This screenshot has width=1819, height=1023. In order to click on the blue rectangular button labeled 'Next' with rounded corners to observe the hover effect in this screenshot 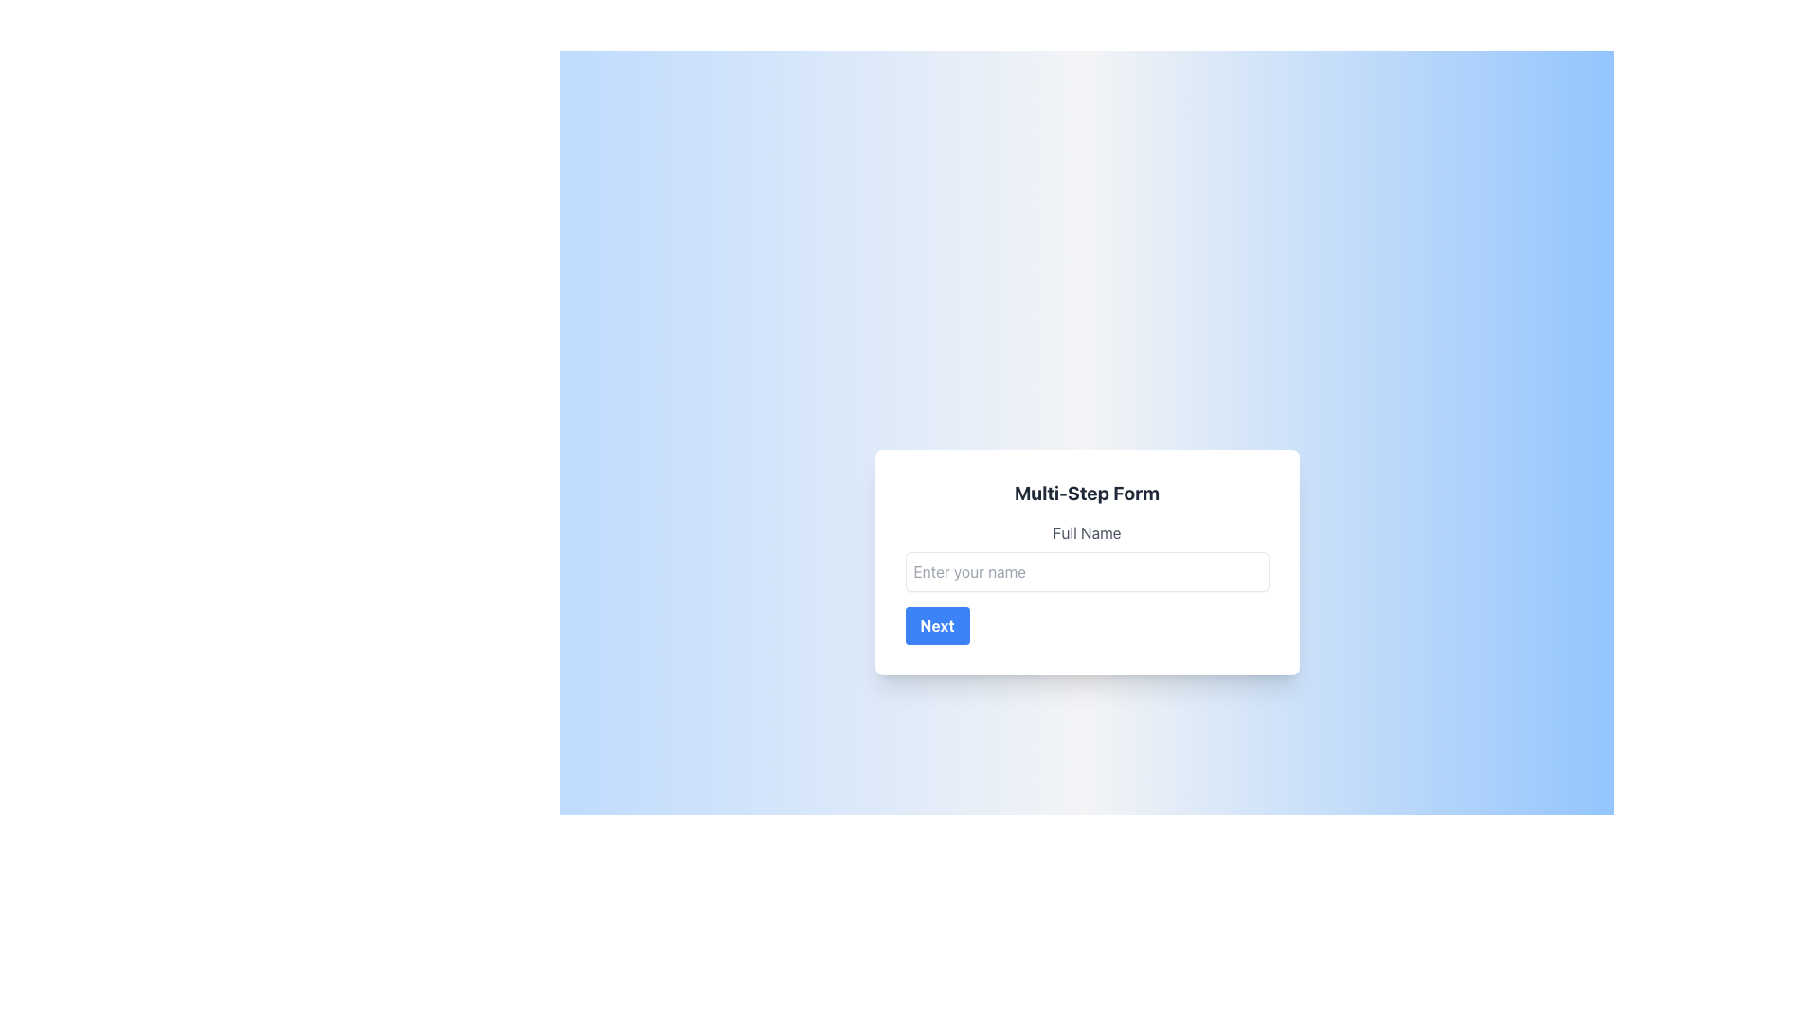, I will do `click(937, 625)`.